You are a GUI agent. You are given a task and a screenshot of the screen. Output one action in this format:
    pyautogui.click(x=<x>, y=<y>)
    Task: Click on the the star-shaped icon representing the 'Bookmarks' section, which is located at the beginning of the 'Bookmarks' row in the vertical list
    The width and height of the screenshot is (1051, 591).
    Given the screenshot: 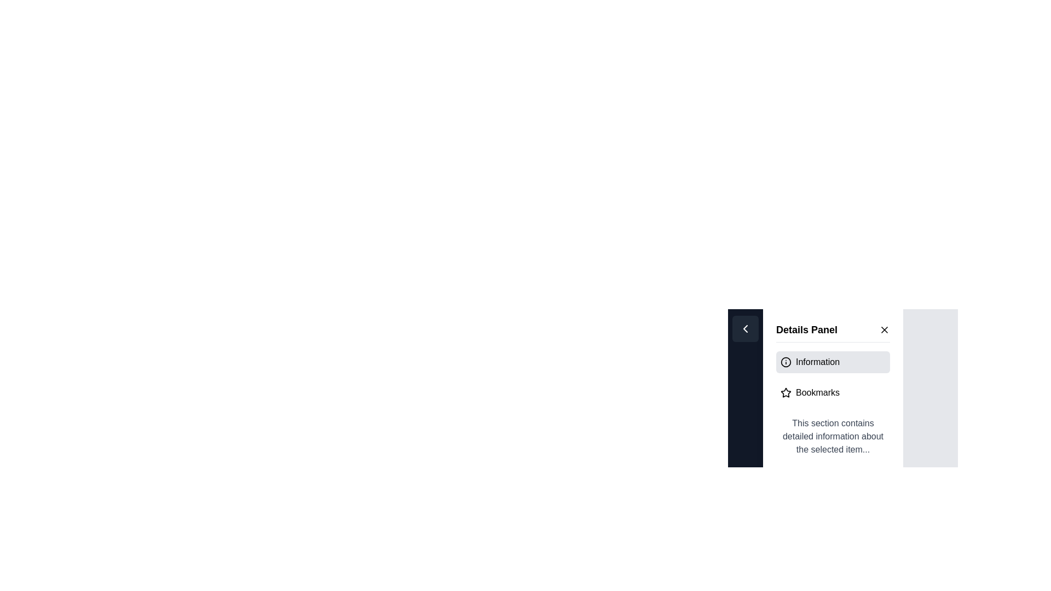 What is the action you would take?
    pyautogui.click(x=785, y=392)
    